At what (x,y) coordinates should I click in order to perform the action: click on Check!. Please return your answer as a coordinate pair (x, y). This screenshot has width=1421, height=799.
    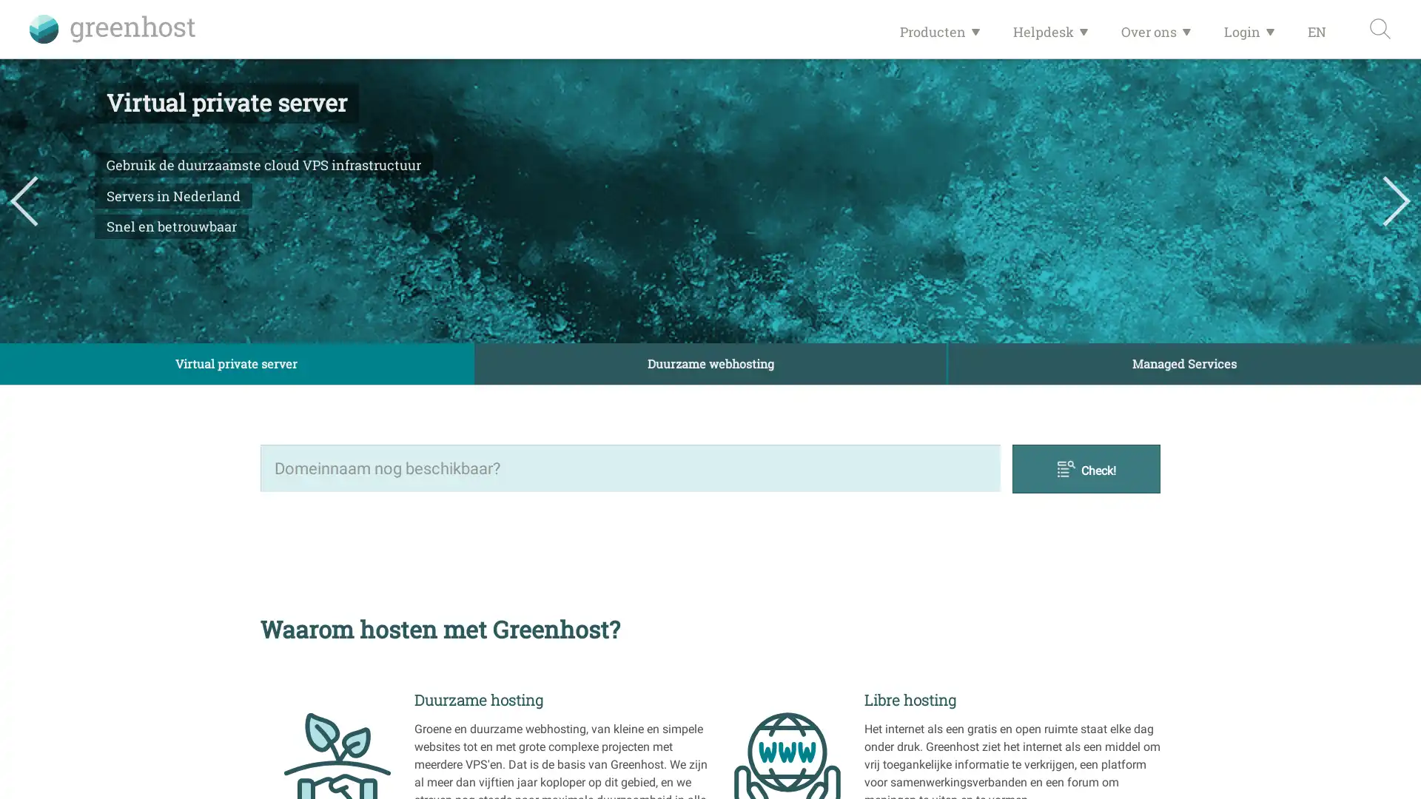
    Looking at the image, I should click on (1086, 468).